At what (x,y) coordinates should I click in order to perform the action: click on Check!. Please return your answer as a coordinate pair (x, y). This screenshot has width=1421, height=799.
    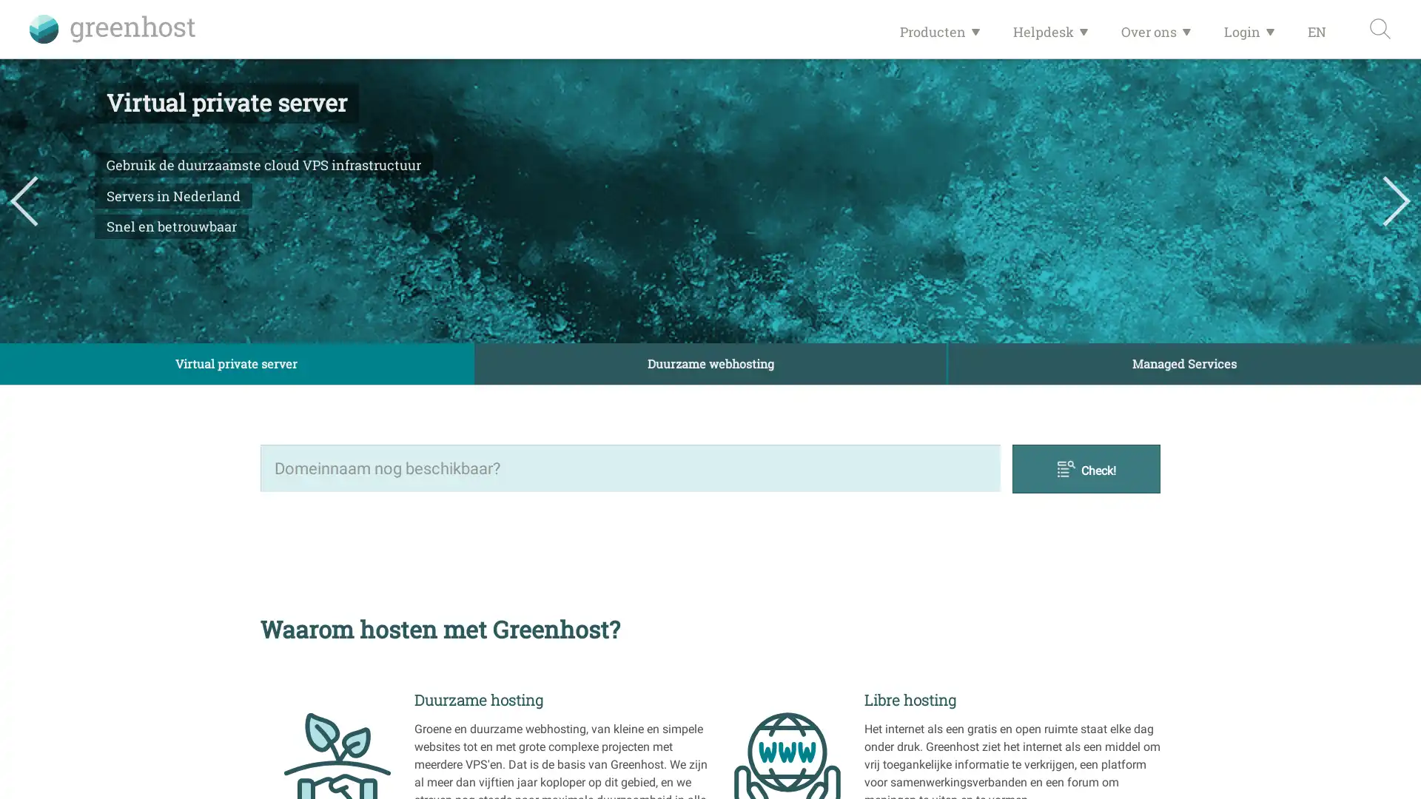
    Looking at the image, I should click on (1086, 468).